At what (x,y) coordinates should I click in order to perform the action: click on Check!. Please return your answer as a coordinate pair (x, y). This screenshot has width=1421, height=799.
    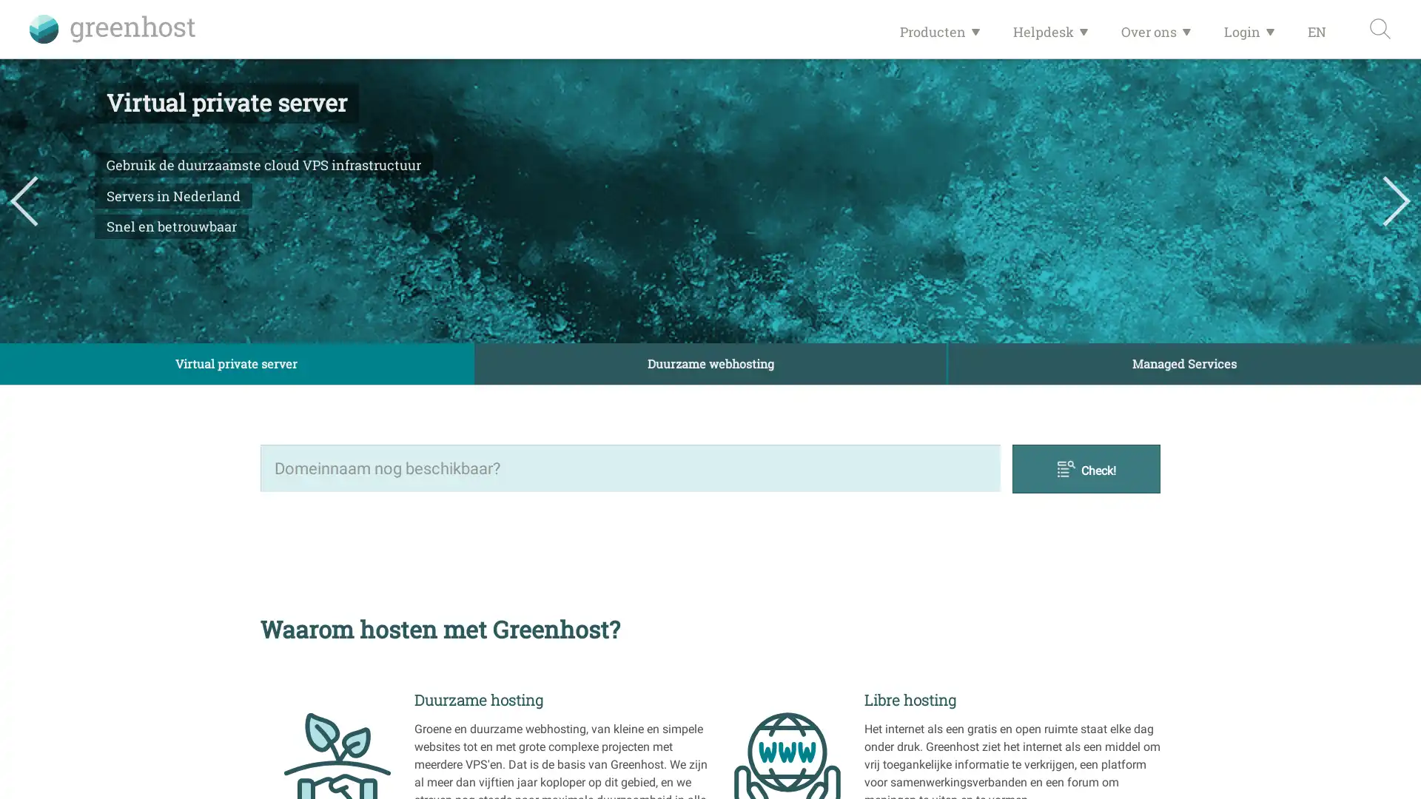
    Looking at the image, I should click on (1086, 468).